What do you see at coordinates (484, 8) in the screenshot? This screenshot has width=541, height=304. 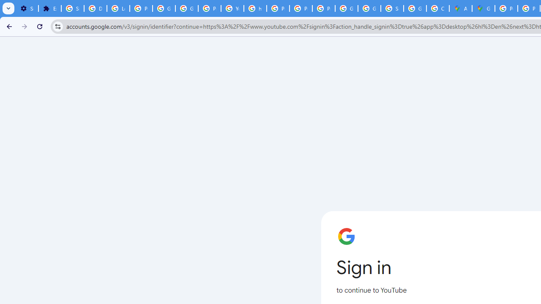 I see `'Google Maps'` at bounding box center [484, 8].